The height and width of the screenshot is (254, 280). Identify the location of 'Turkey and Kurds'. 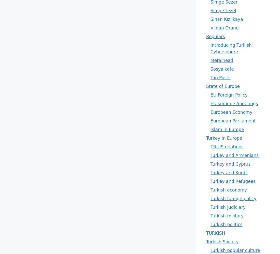
(229, 172).